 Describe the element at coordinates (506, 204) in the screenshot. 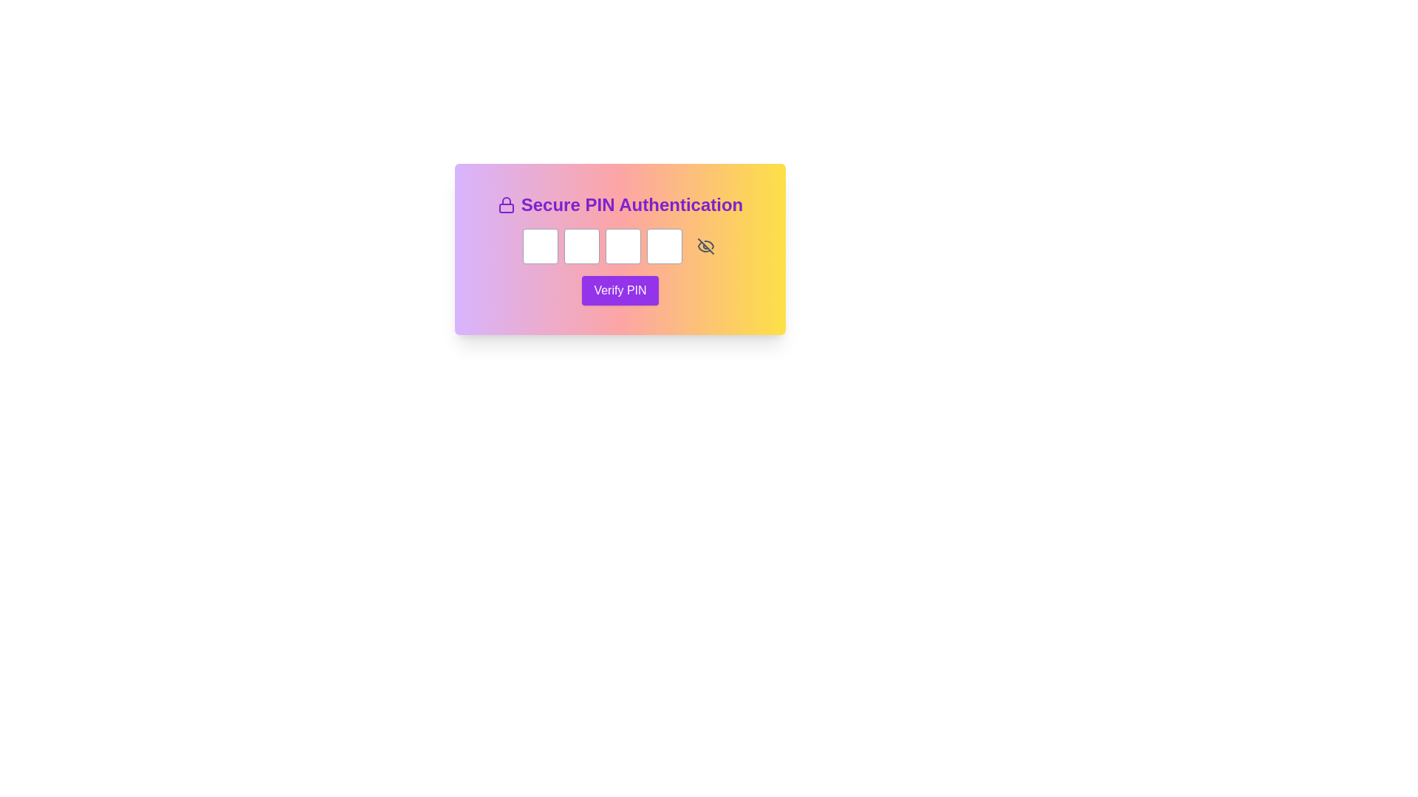

I see `the purple lock icon styled in a simplistic outline design, located to the left of the text 'Secure PIN Authentication' in the card header section` at that location.